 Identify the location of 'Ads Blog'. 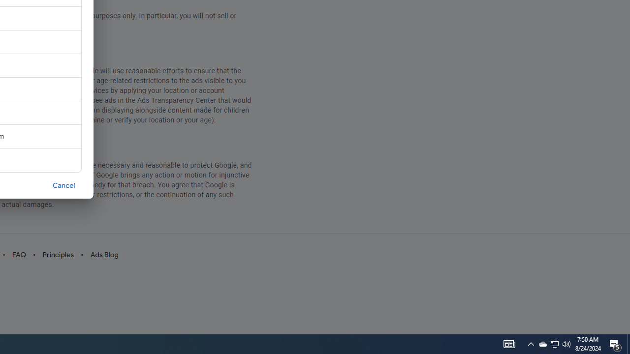
(104, 254).